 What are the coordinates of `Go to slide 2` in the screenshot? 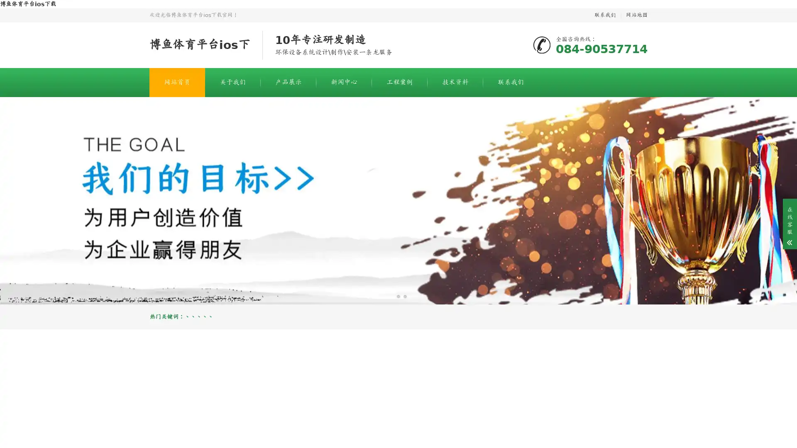 It's located at (398, 296).